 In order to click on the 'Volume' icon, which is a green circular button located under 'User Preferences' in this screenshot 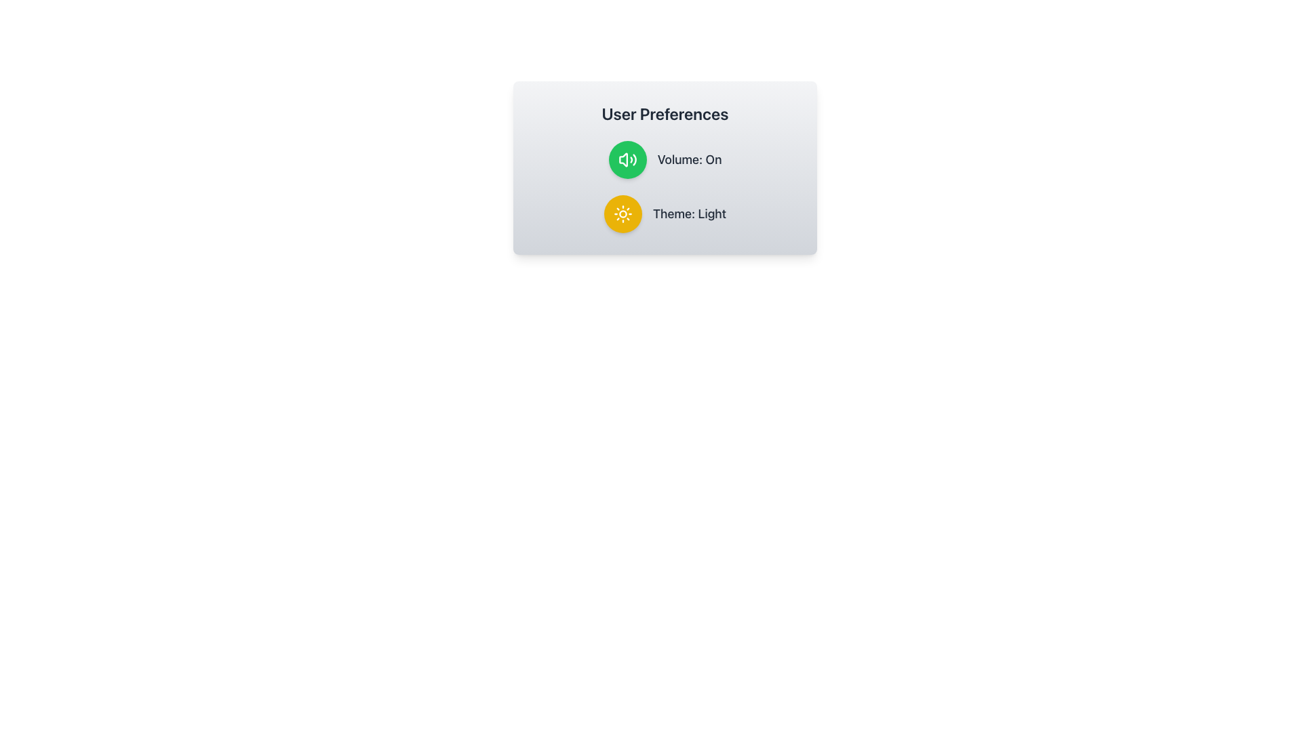, I will do `click(627, 159)`.